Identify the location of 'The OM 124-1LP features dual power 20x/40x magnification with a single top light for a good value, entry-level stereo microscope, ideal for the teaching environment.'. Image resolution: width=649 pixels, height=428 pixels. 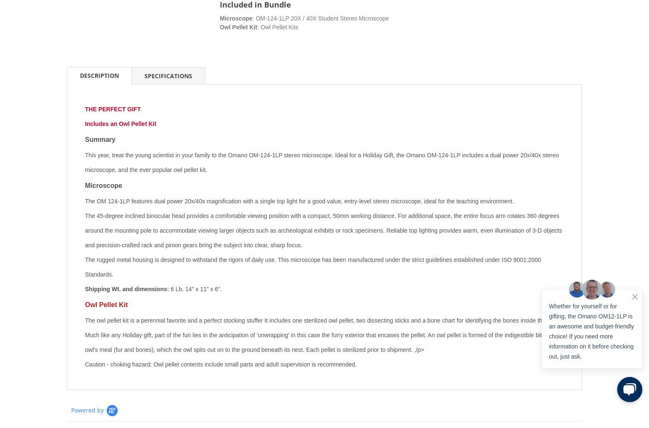
(299, 201).